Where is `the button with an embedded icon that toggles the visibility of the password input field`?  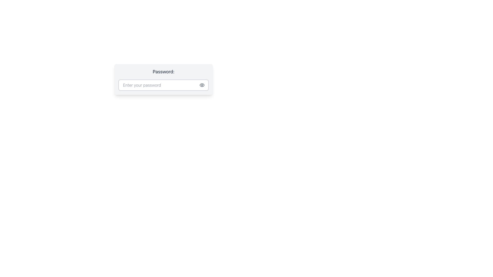 the button with an embedded icon that toggles the visibility of the password input field is located at coordinates (202, 85).